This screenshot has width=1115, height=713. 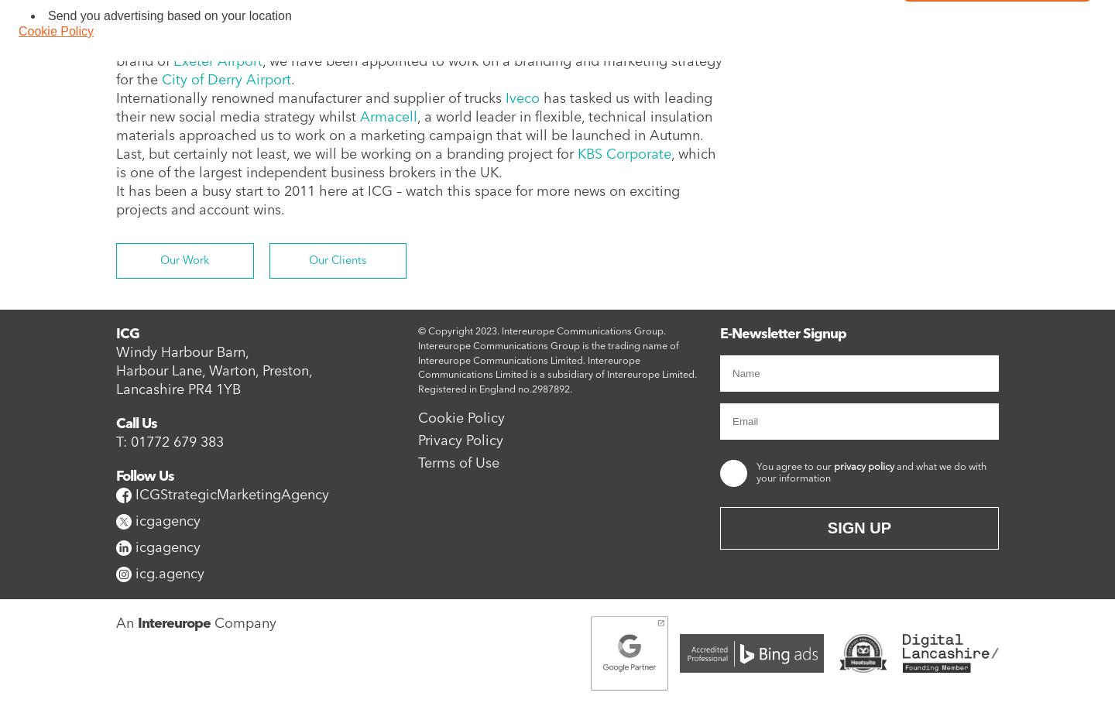 I want to click on 'privacy policy', so click(x=863, y=466).